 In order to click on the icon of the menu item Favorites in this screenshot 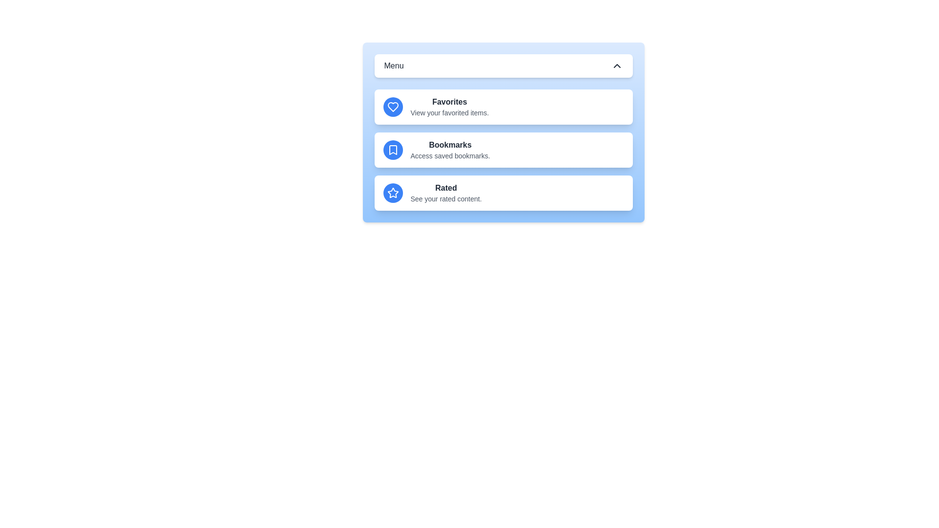, I will do `click(393, 107)`.